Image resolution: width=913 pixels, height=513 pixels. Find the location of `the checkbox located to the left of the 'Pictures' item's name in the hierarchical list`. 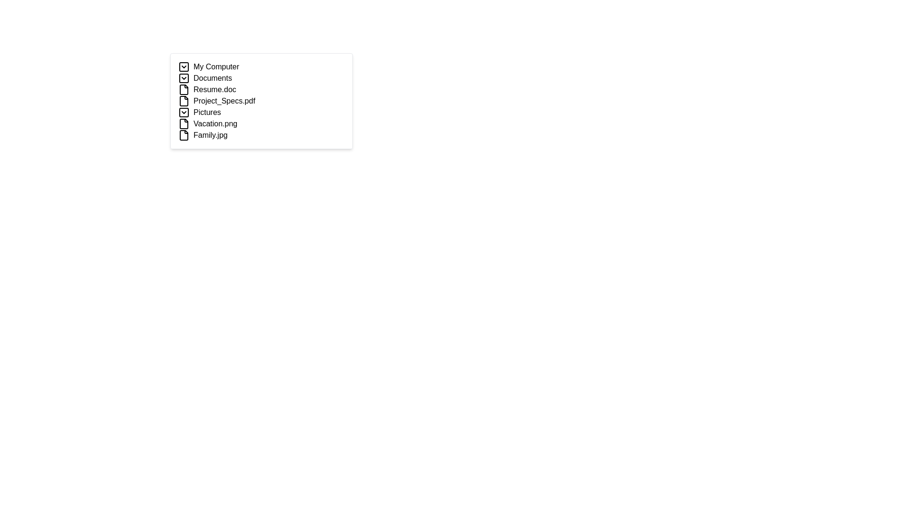

the checkbox located to the left of the 'Pictures' item's name in the hierarchical list is located at coordinates (184, 112).